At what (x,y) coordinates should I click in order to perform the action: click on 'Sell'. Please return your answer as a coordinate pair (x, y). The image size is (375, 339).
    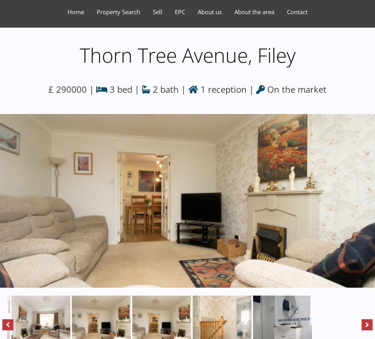
    Looking at the image, I should click on (152, 11).